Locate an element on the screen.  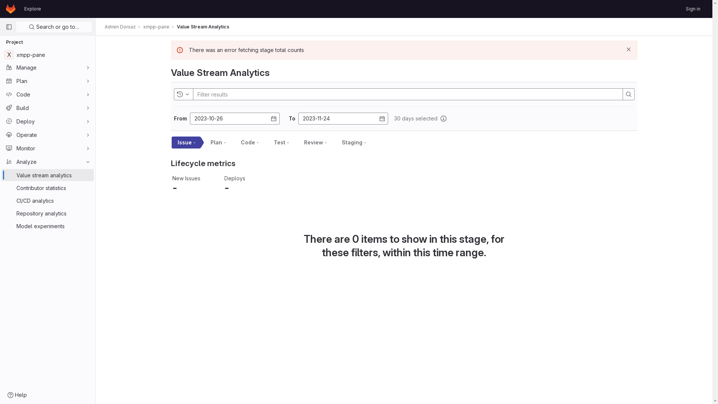
'Homepage' is located at coordinates (10, 9).